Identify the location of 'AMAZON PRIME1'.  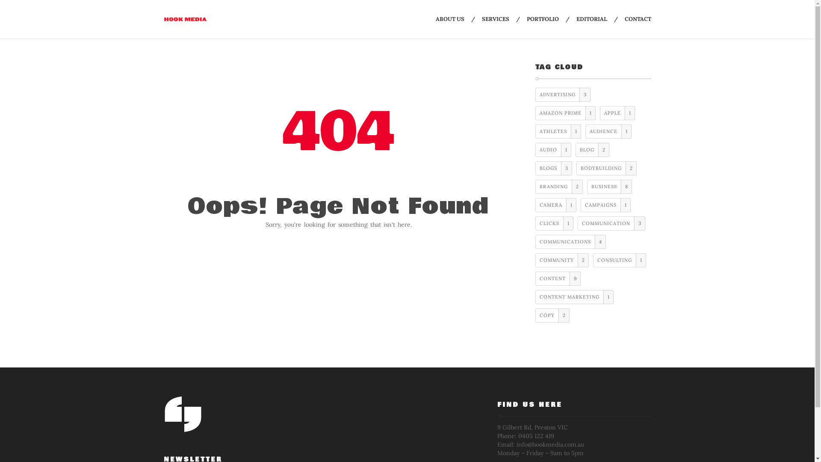
(565, 113).